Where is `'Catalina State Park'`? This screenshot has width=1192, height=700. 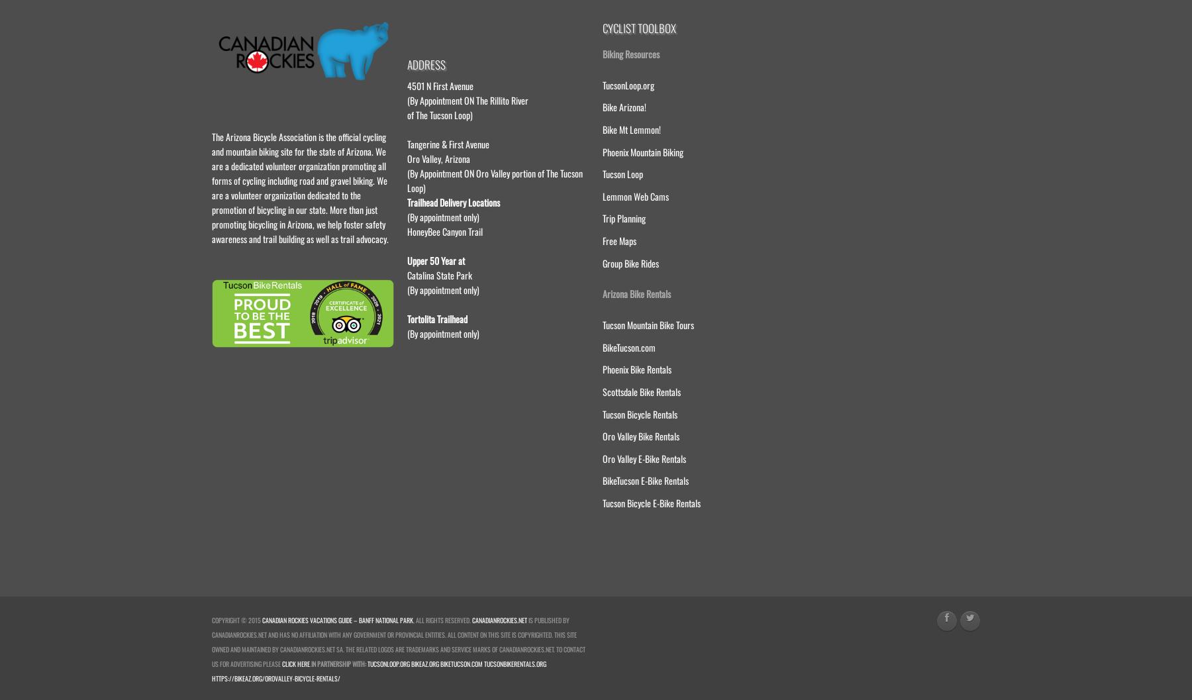
'Catalina State Park' is located at coordinates (407, 274).